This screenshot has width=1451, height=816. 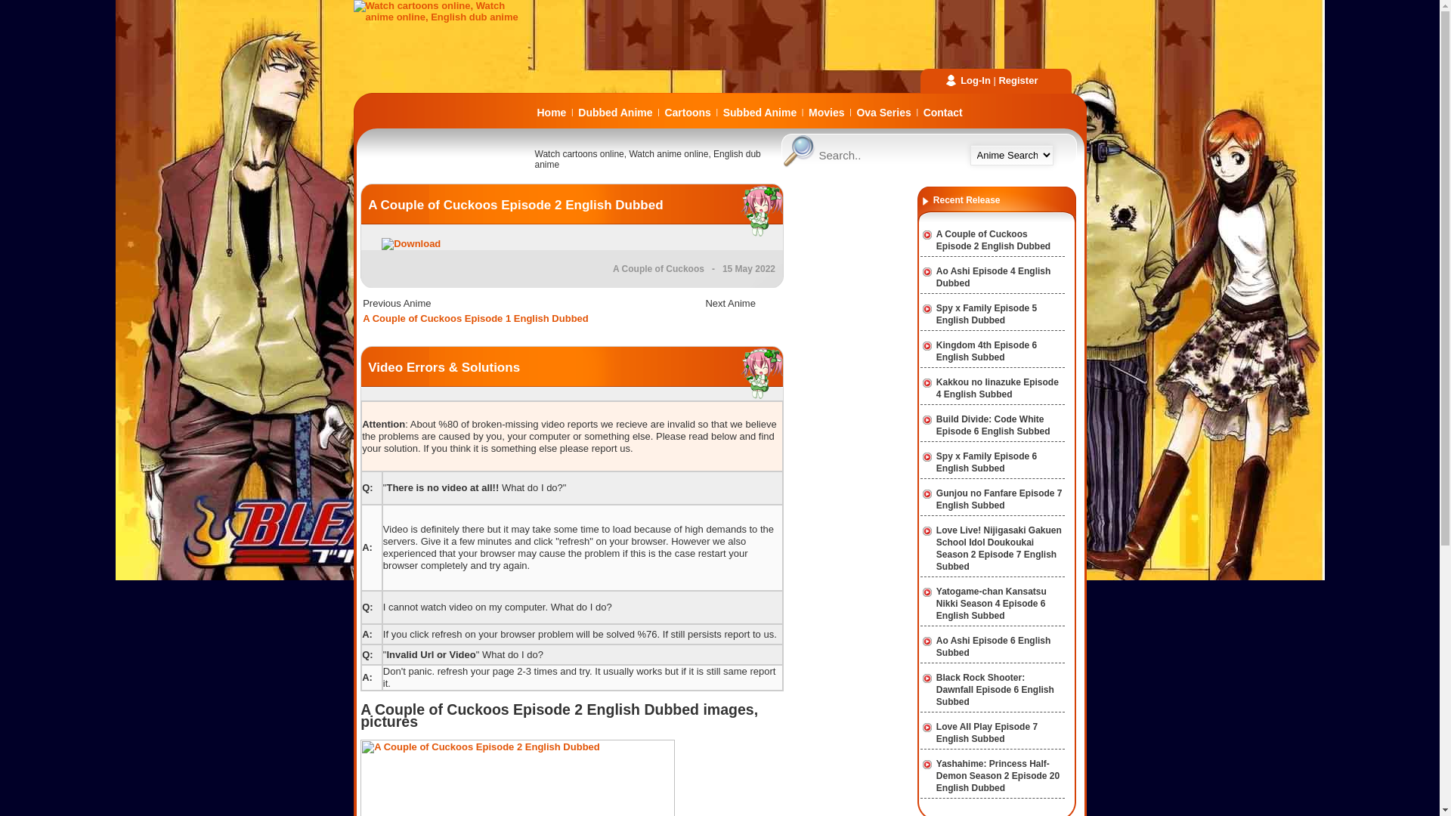 I want to click on 'Ao Ashi Episode 6 English Subbed', so click(x=935, y=646).